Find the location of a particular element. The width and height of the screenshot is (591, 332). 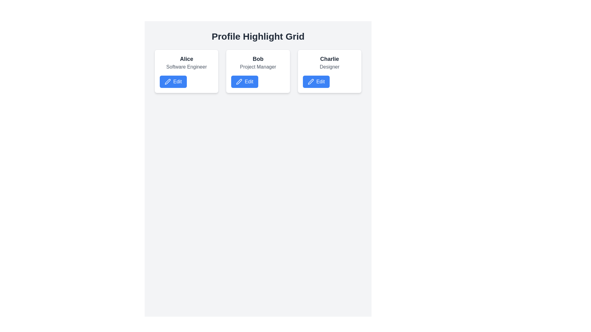

the 'Edit' text label within the button on the card labeled 'Alice' is located at coordinates (177, 81).